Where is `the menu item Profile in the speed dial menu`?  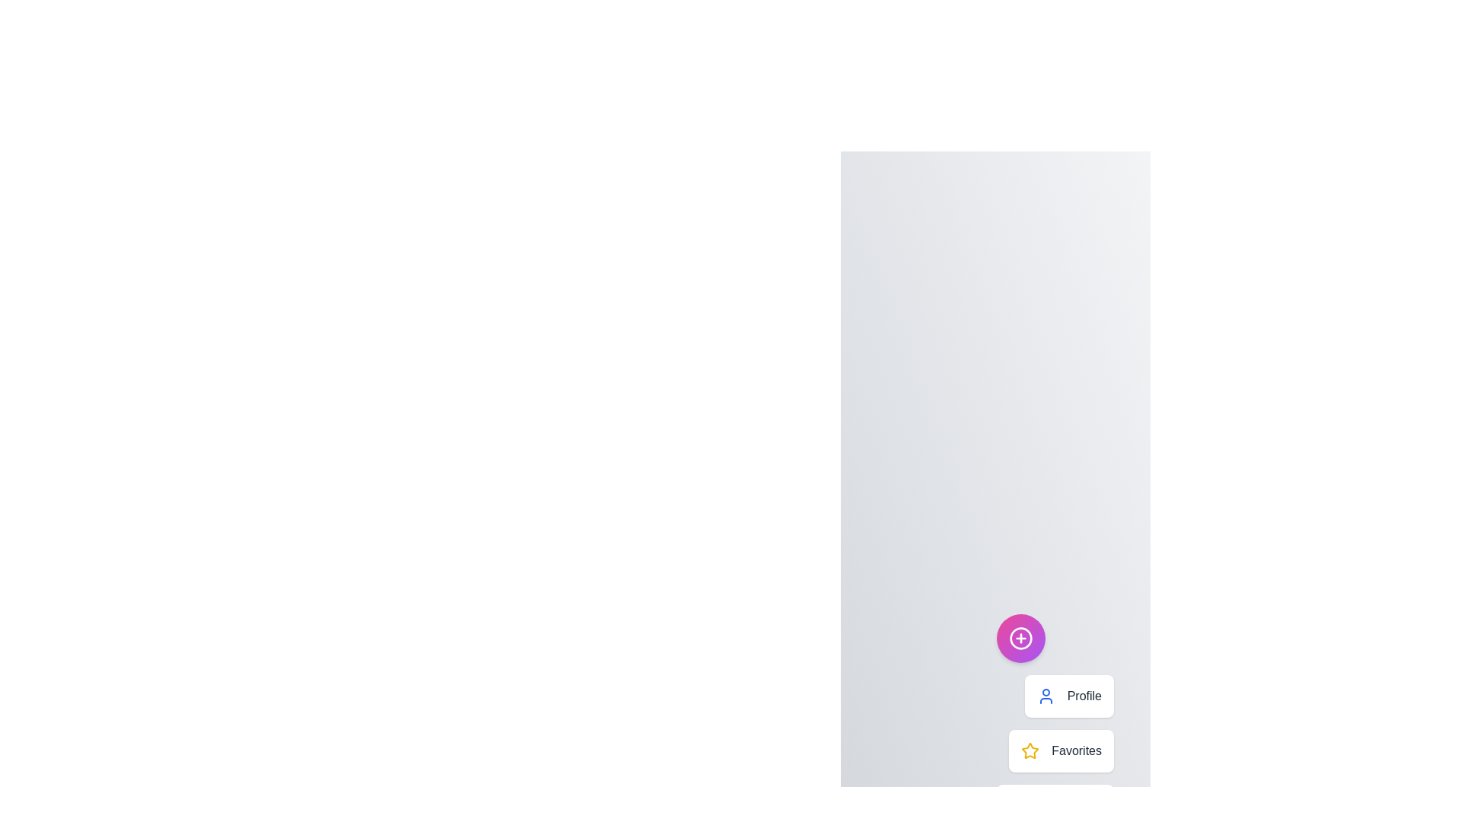 the menu item Profile in the speed dial menu is located at coordinates (1068, 696).